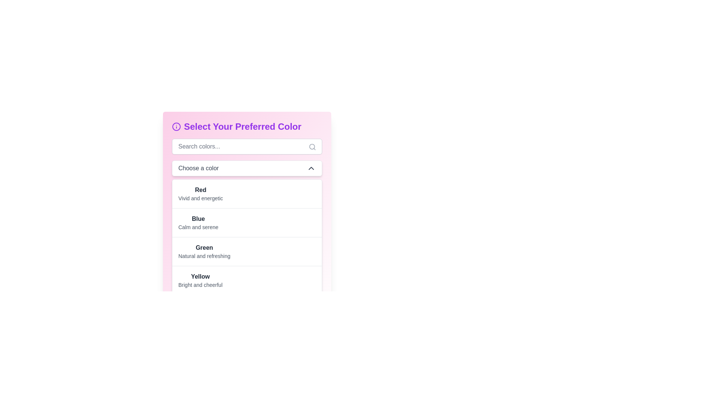  I want to click on the first list item displaying 'Red' with the description 'Vivid and energetic' located beneath the dropdown labeled 'Choose a color', so click(247, 193).